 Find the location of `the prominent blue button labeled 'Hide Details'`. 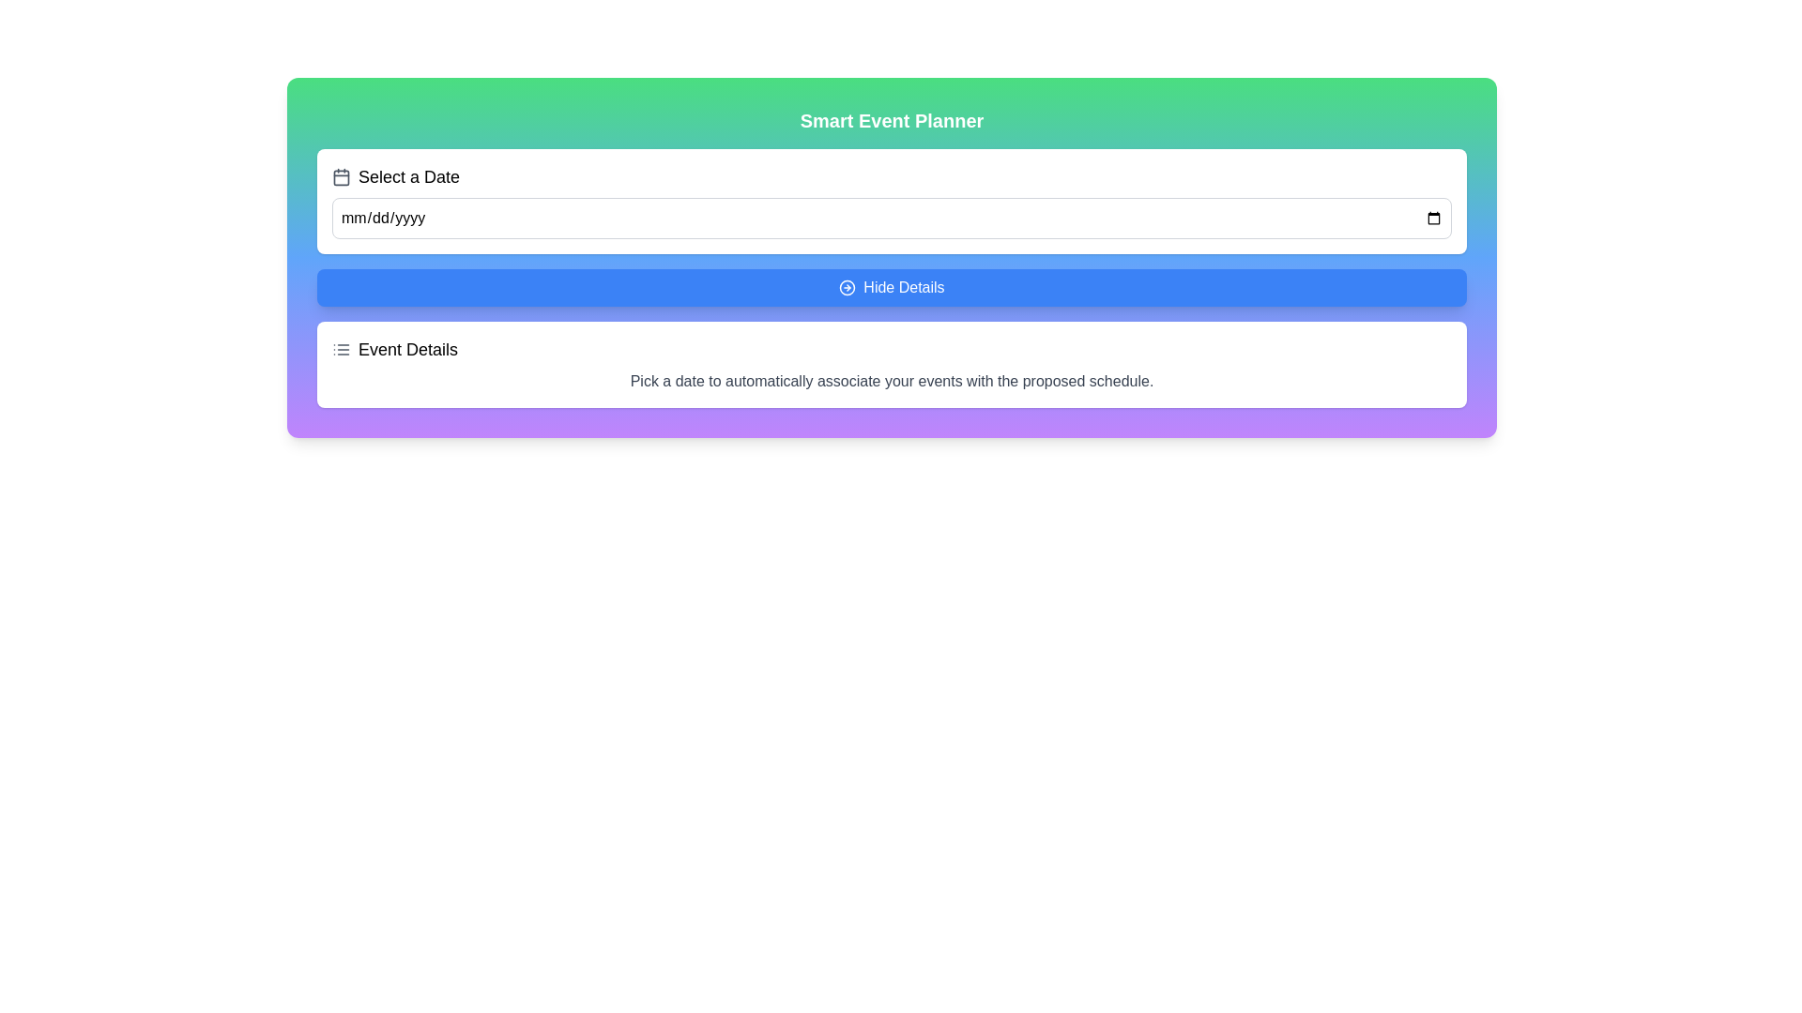

the prominent blue button labeled 'Hide Details' is located at coordinates (891, 288).